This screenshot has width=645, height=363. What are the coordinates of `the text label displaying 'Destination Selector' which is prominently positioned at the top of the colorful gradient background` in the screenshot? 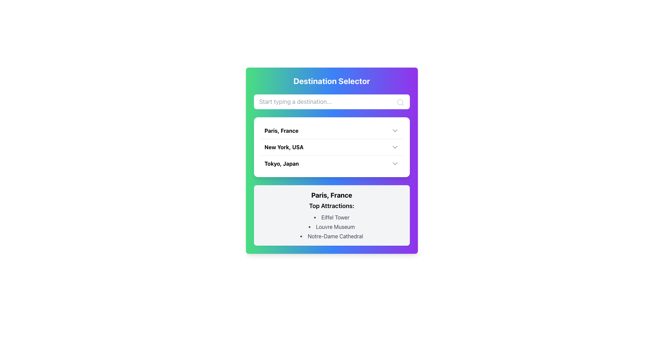 It's located at (332, 80).